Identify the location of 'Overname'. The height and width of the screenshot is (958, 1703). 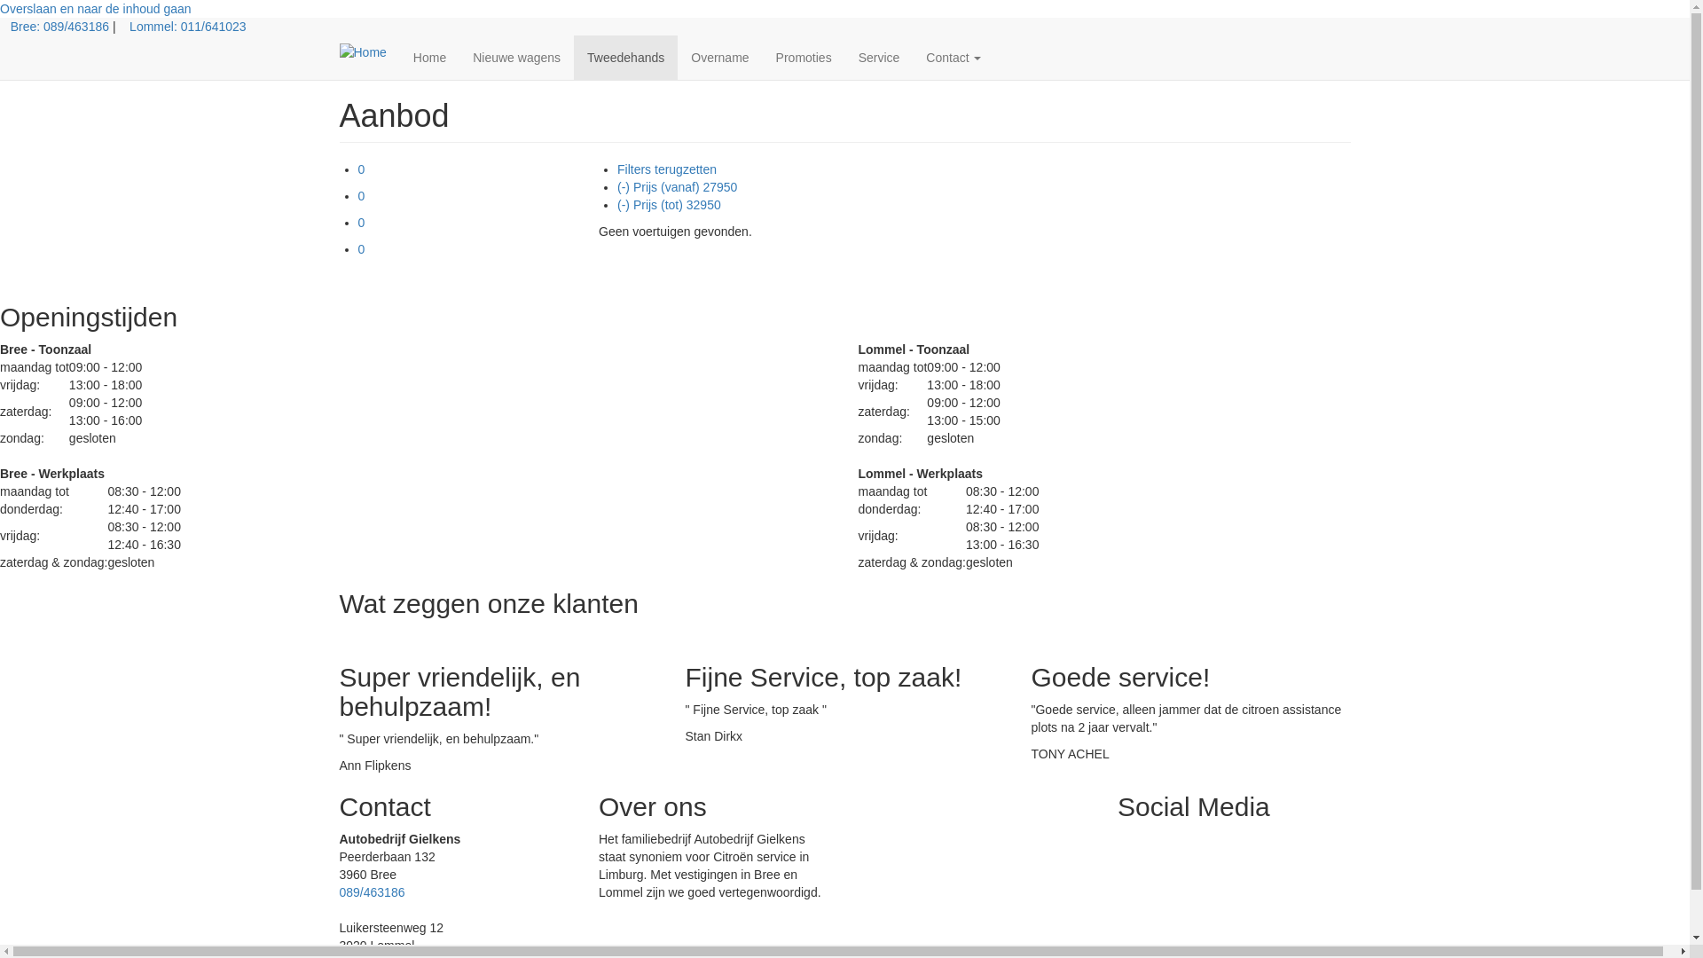
(719, 57).